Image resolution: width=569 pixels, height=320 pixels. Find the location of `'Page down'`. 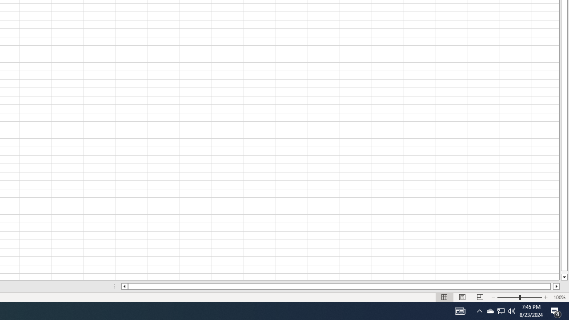

'Page down' is located at coordinates (564, 272).